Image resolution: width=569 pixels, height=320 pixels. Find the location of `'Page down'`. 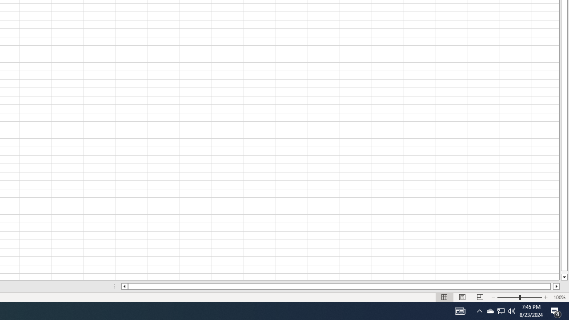

'Page down' is located at coordinates (564, 272).